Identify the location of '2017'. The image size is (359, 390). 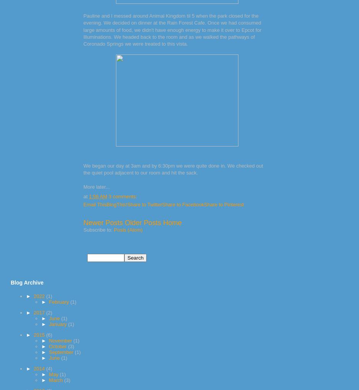
(39, 312).